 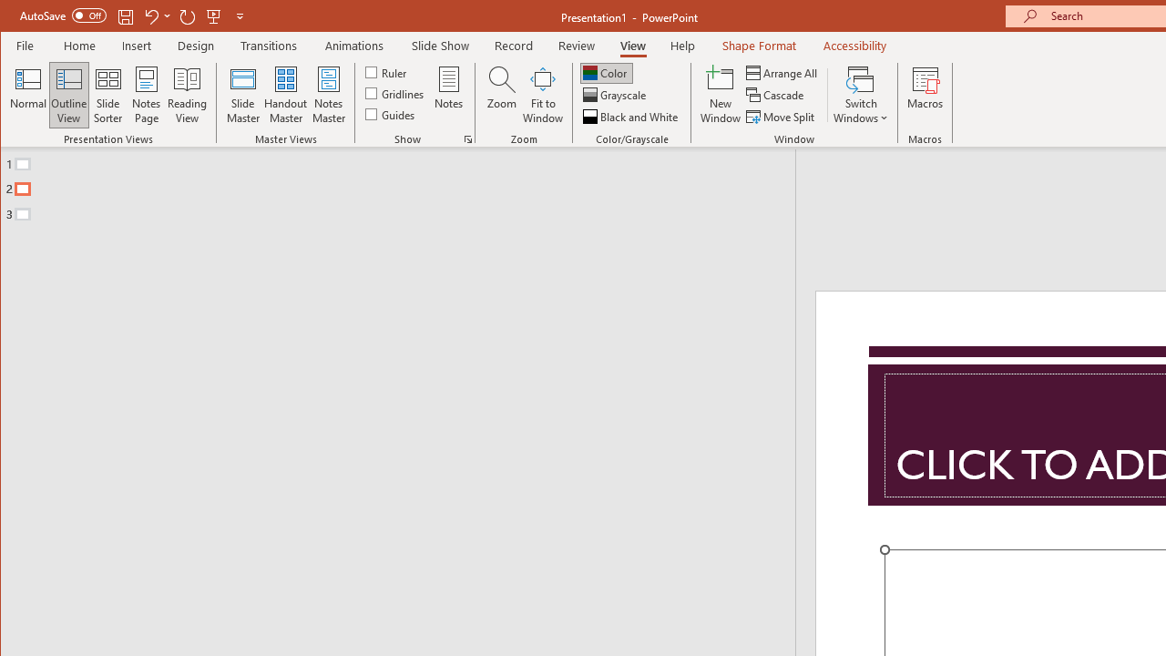 What do you see at coordinates (720, 95) in the screenshot?
I see `'New Window'` at bounding box center [720, 95].